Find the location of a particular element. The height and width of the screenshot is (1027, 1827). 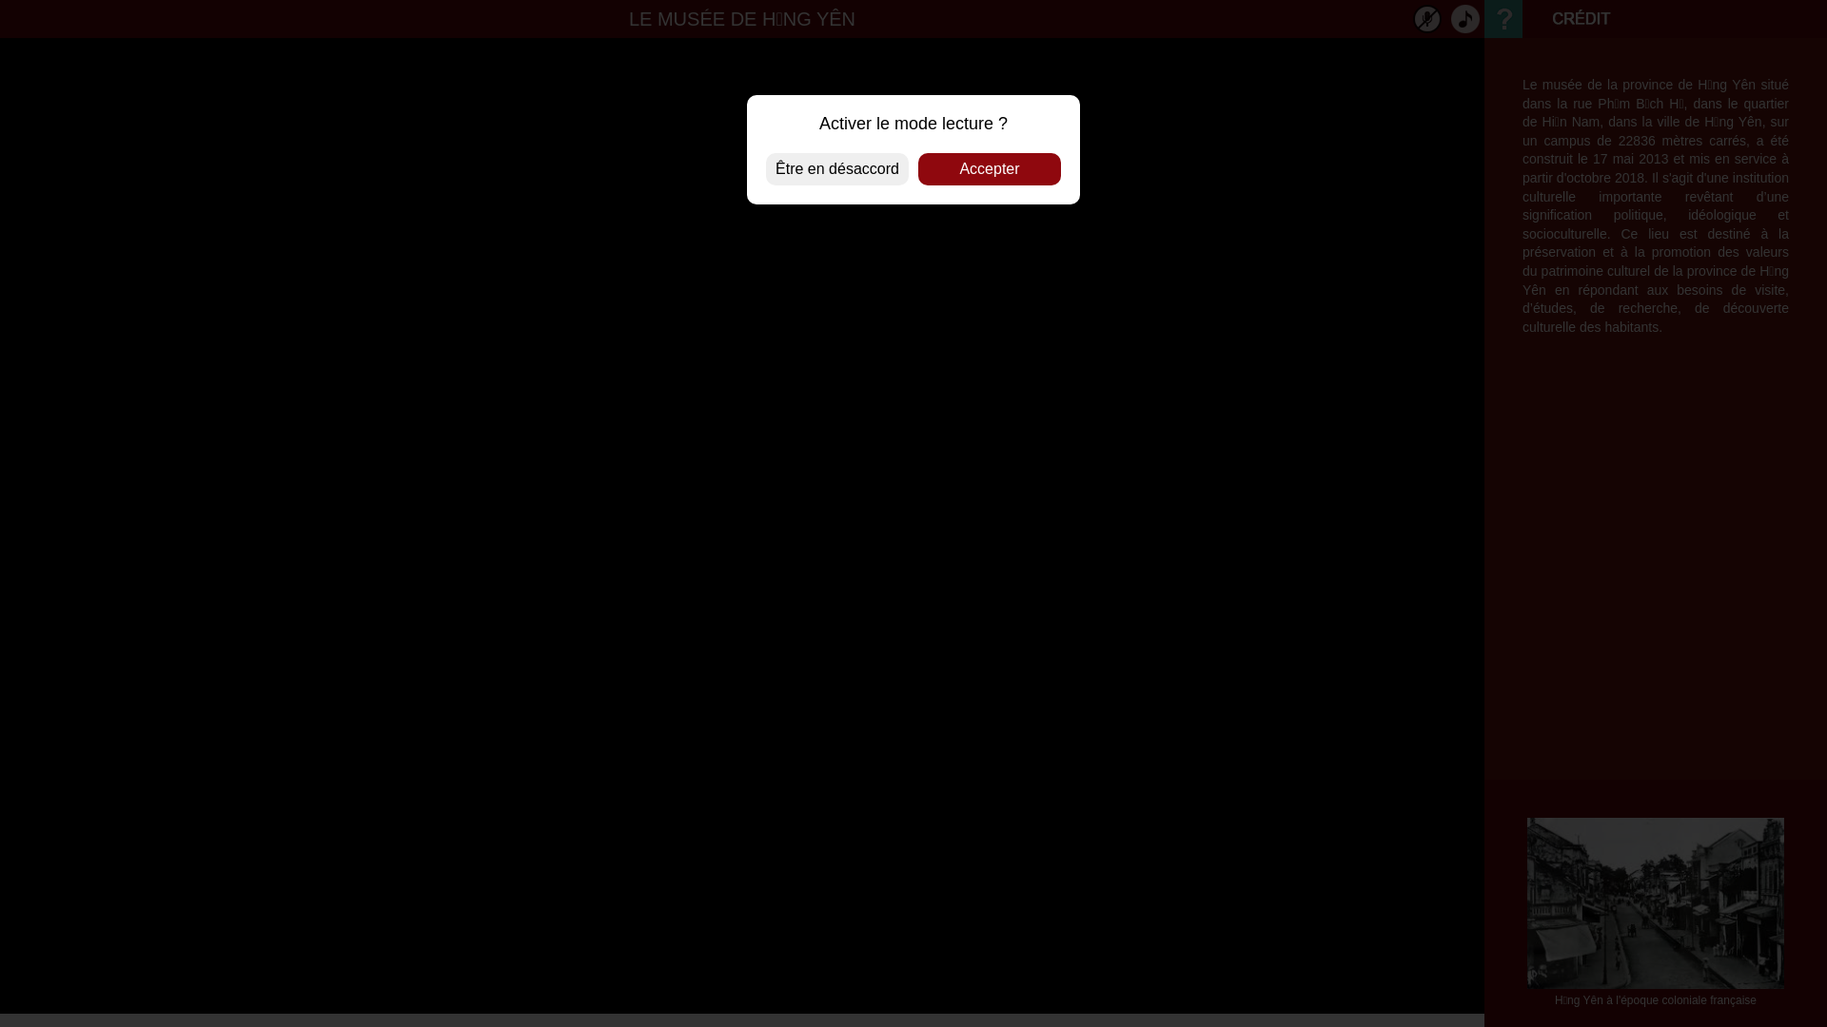

'Accepter' is located at coordinates (917, 167).